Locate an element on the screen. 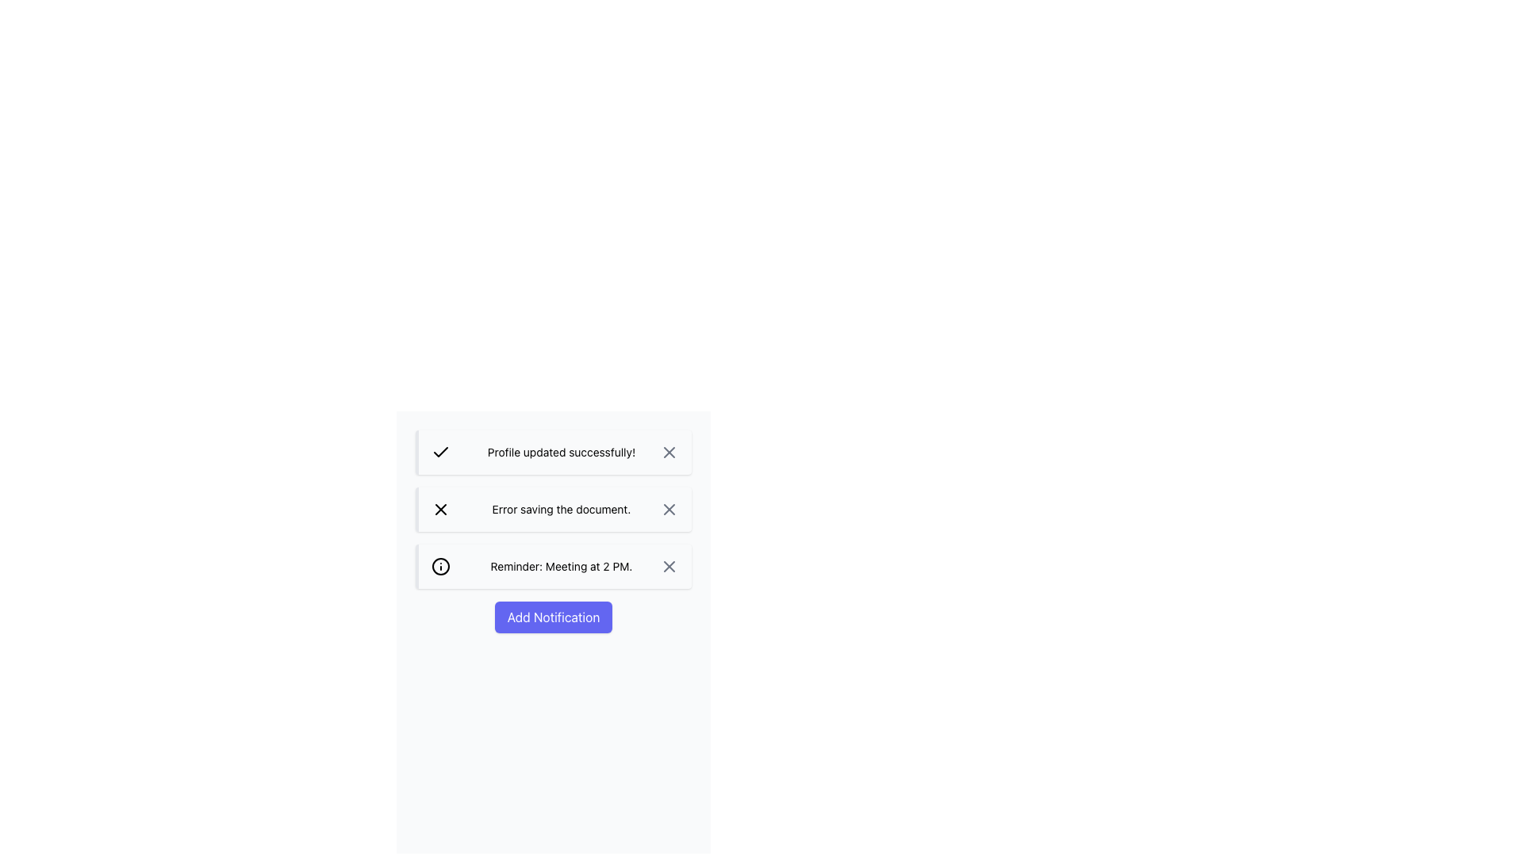 The image size is (1523, 856). the Notification block that reminds the user about a meeting at 2 PM, which is located between the 'Error saving the document.' notification and the 'Add Notification' button is located at coordinates (553, 565).